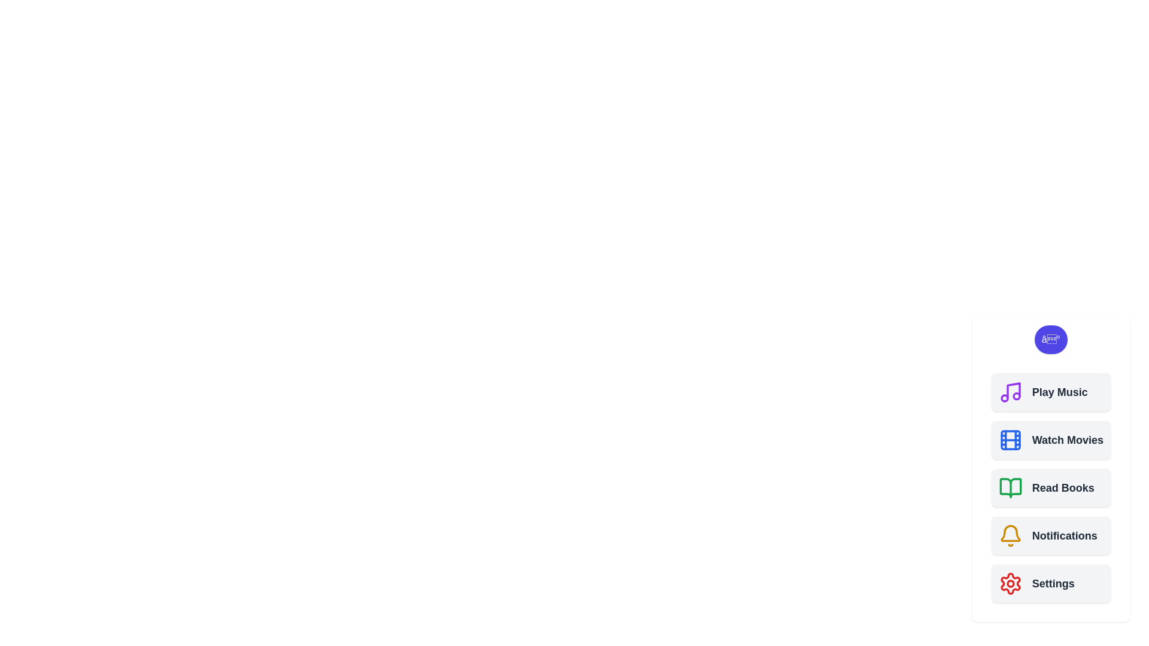  What do you see at coordinates (1050, 535) in the screenshot?
I see `the 'Notifications' button` at bounding box center [1050, 535].